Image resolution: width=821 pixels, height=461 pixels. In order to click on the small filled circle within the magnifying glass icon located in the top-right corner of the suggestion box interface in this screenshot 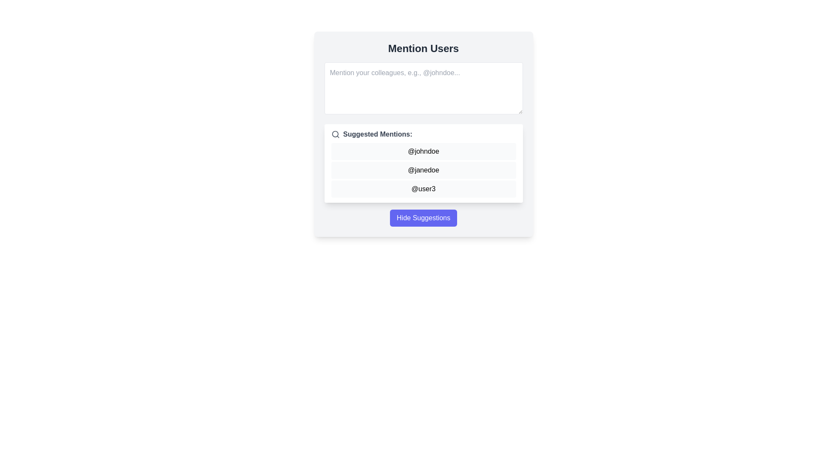, I will do `click(334, 134)`.